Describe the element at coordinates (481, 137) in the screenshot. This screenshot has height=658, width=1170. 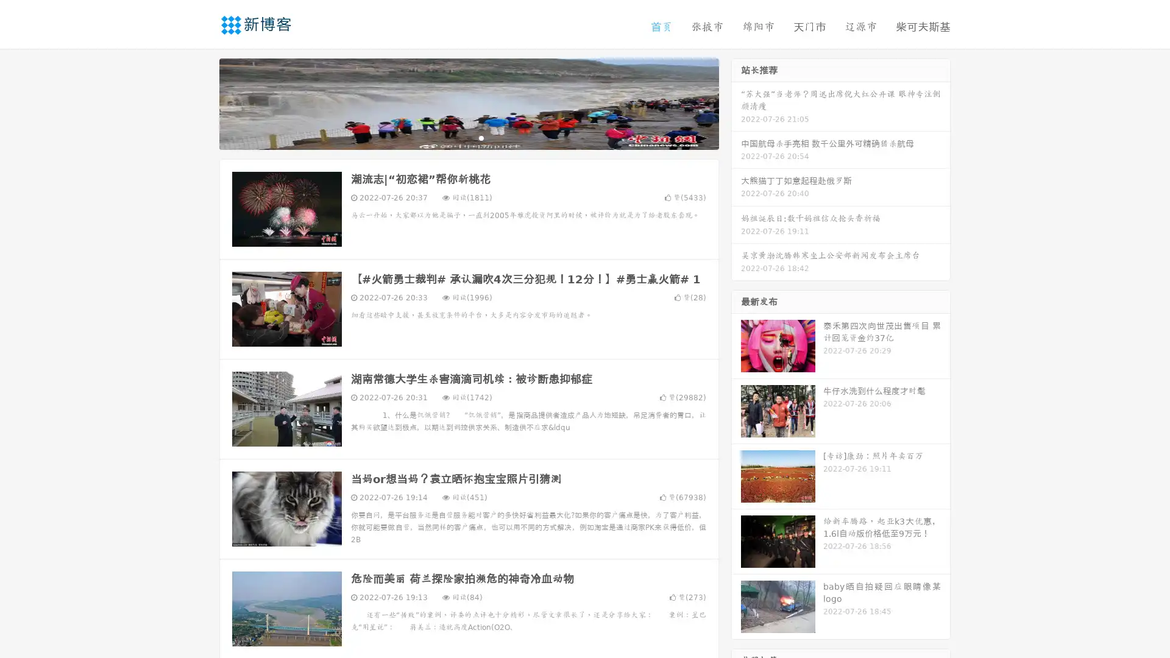
I see `Go to slide 3` at that location.